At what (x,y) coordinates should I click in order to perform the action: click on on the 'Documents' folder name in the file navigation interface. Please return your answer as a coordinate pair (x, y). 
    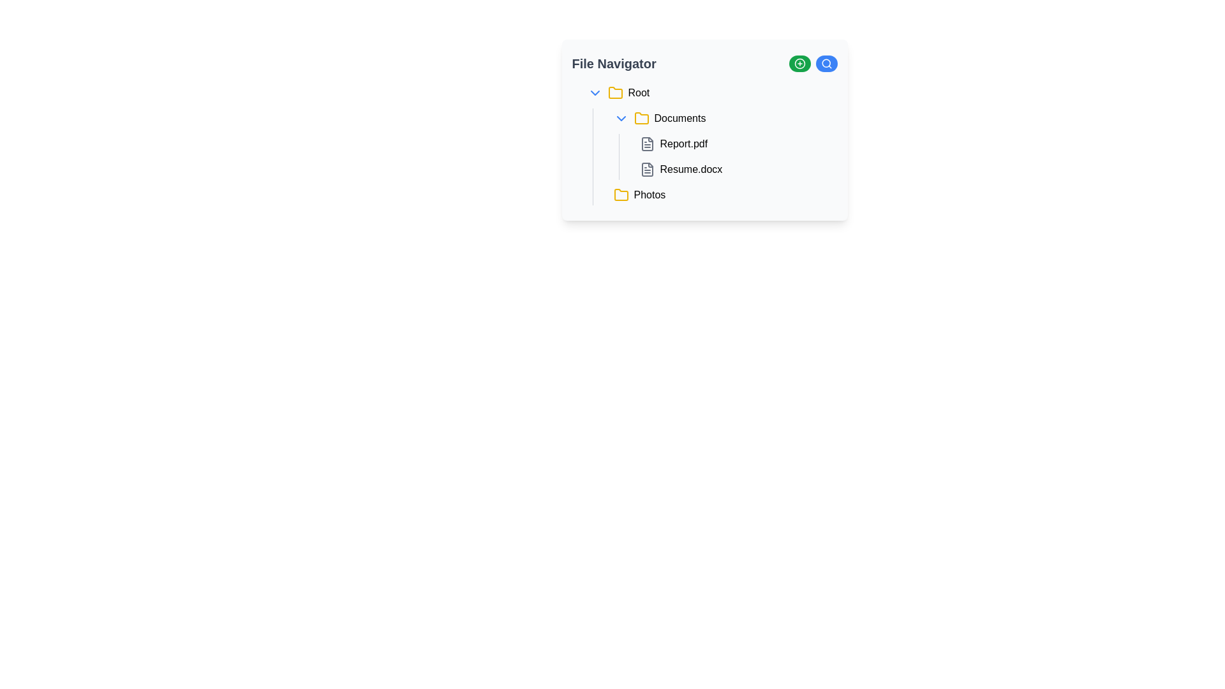
    Looking at the image, I should click on (679, 118).